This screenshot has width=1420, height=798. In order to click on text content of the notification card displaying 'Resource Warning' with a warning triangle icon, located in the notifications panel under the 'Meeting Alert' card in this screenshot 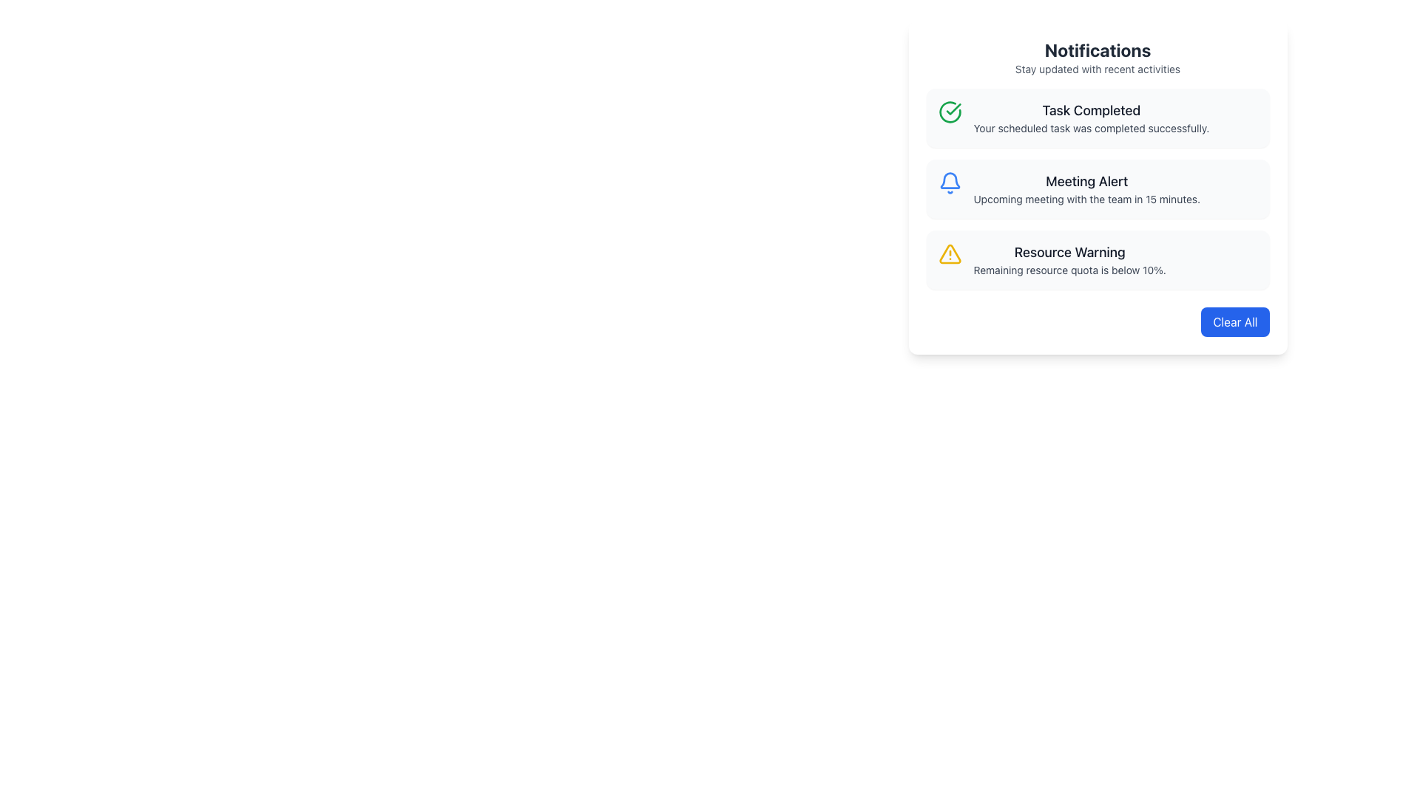, I will do `click(1098, 259)`.